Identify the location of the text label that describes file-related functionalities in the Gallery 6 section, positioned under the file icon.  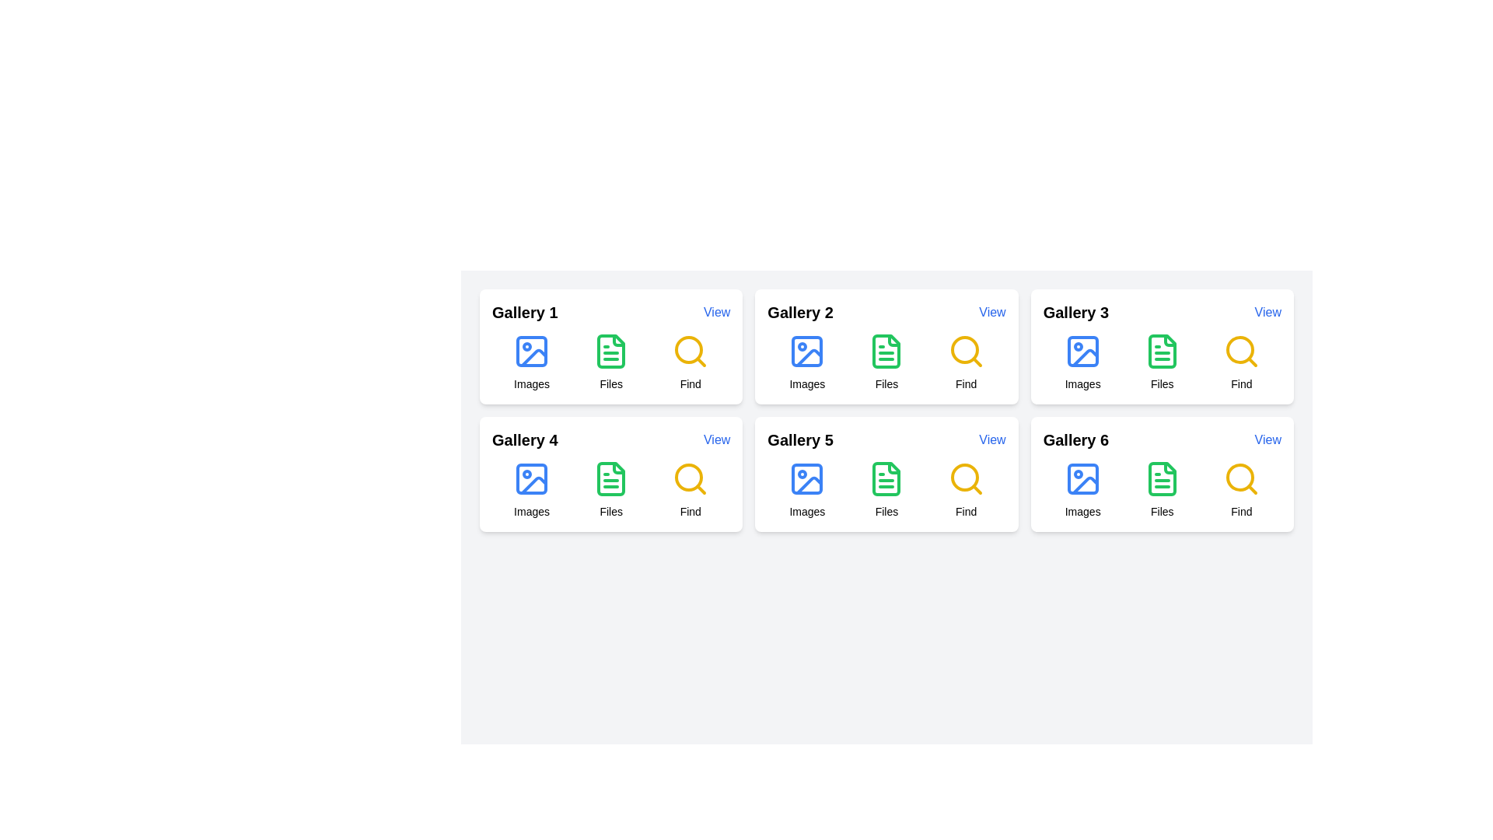
(1162, 512).